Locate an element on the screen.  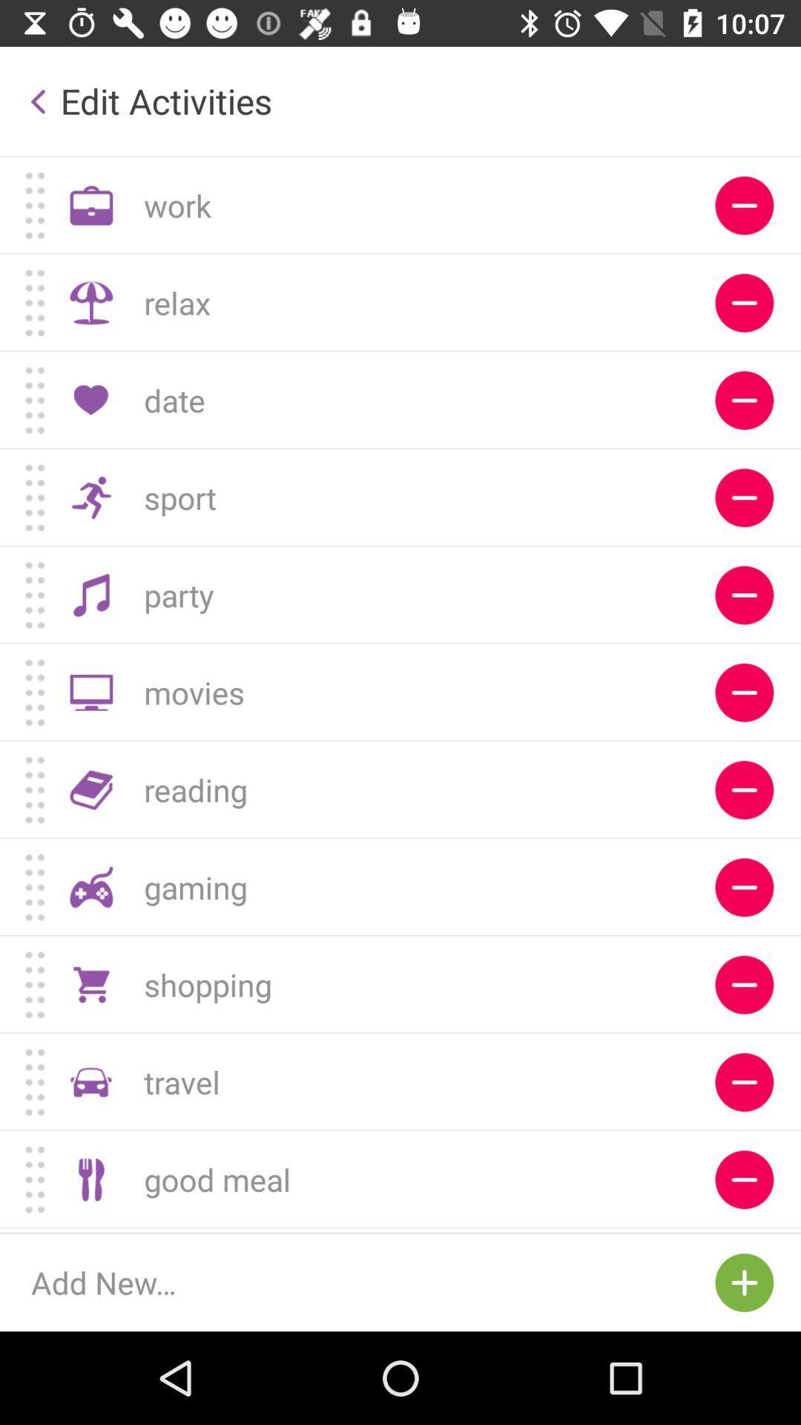
remove activity is located at coordinates (744, 302).